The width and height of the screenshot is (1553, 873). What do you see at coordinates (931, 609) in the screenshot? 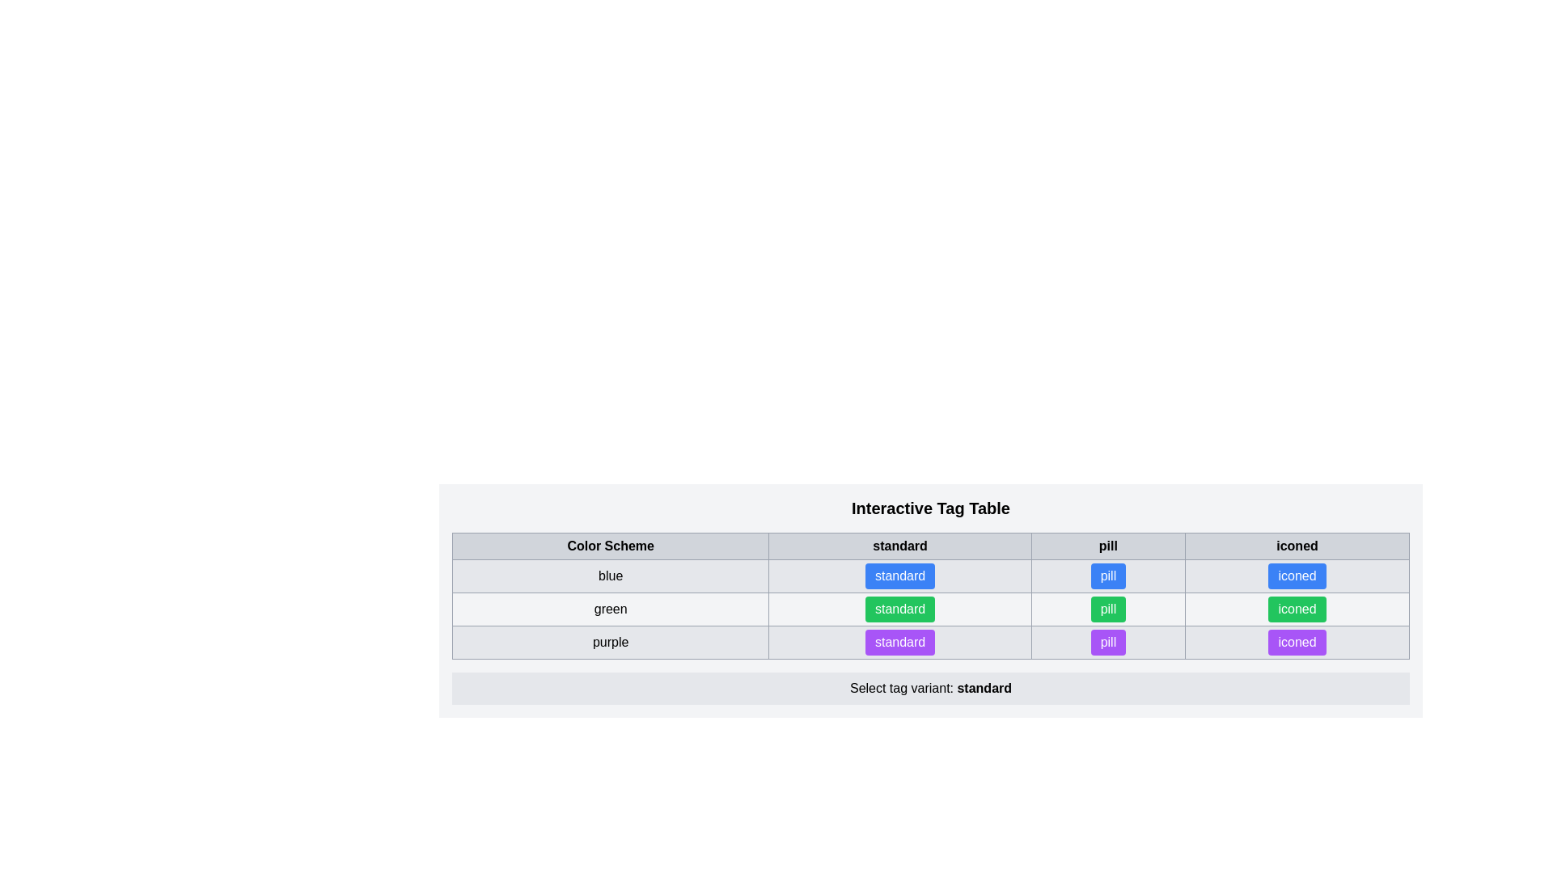
I see `the green rectangular button labeled 'standard' in the second column of the table` at bounding box center [931, 609].